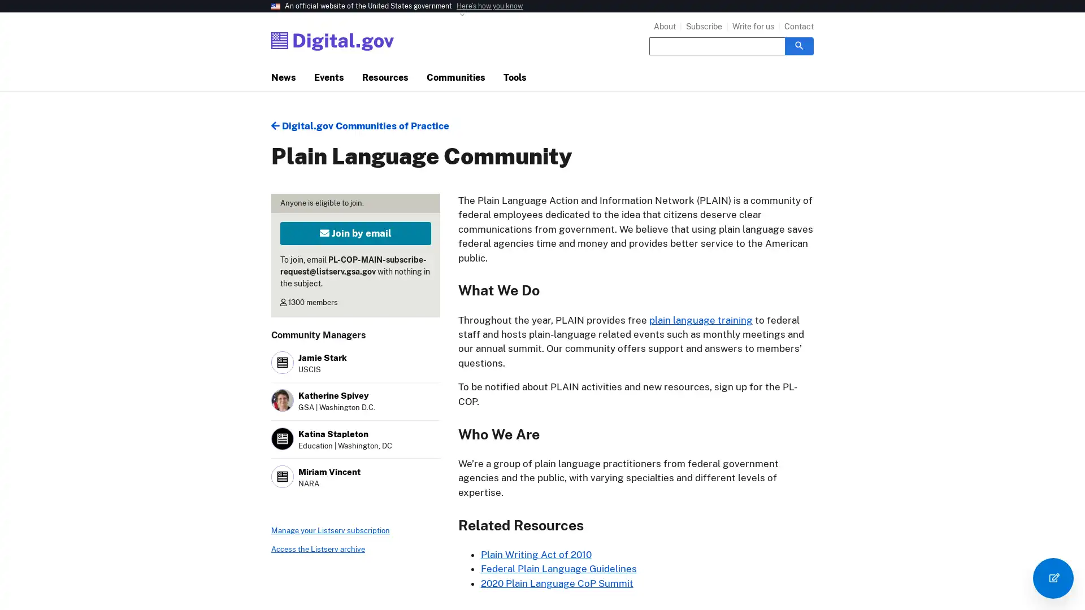 The image size is (1085, 610). I want to click on edit, so click(1052, 578).